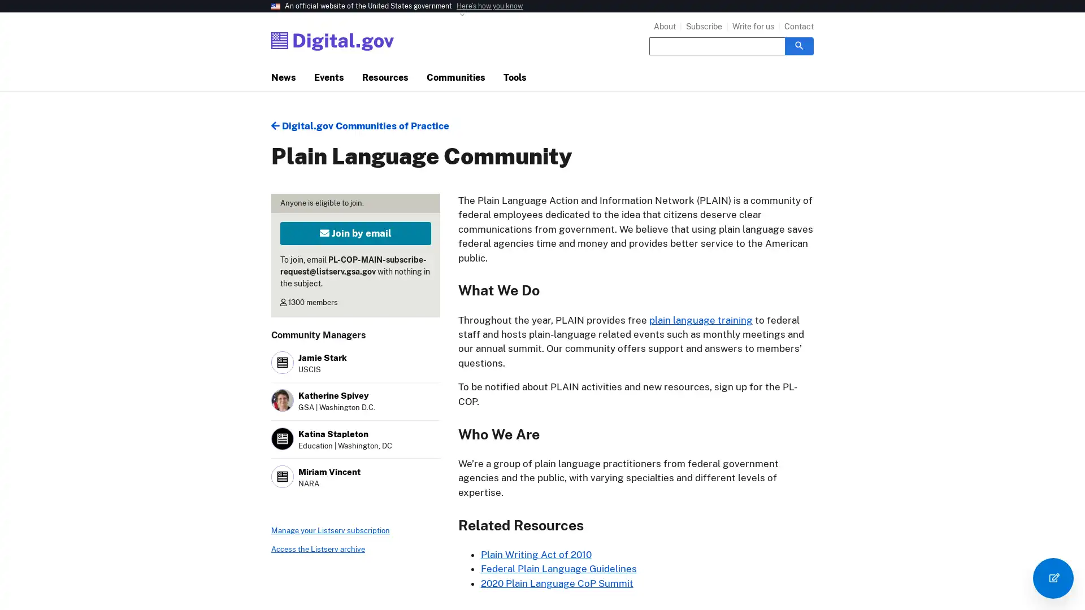 The image size is (1085, 610). I want to click on edit, so click(1052, 578).